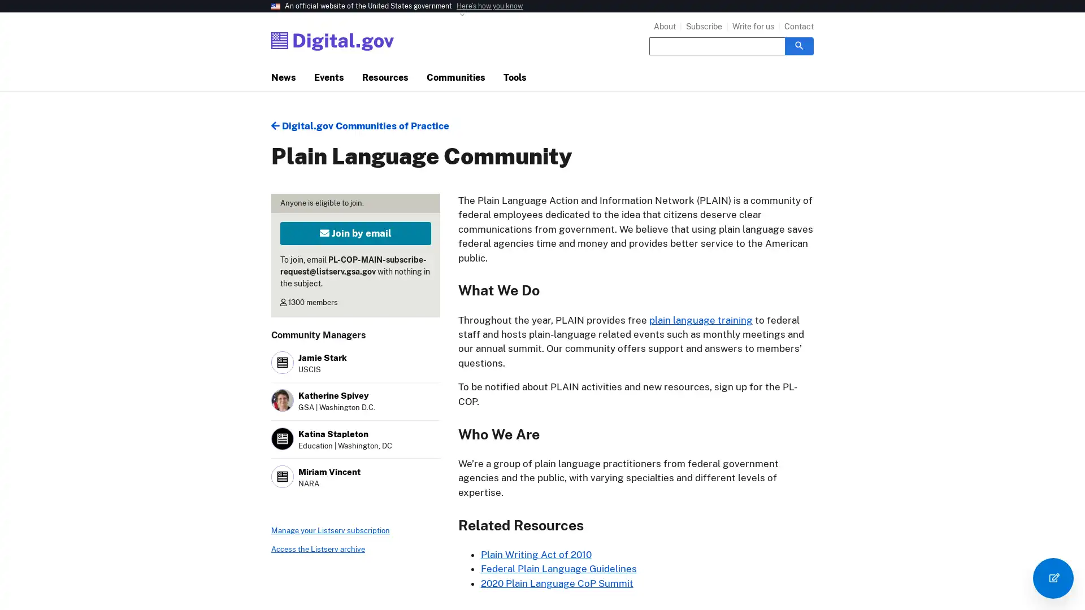 The image size is (1085, 610). I want to click on edit, so click(1052, 578).